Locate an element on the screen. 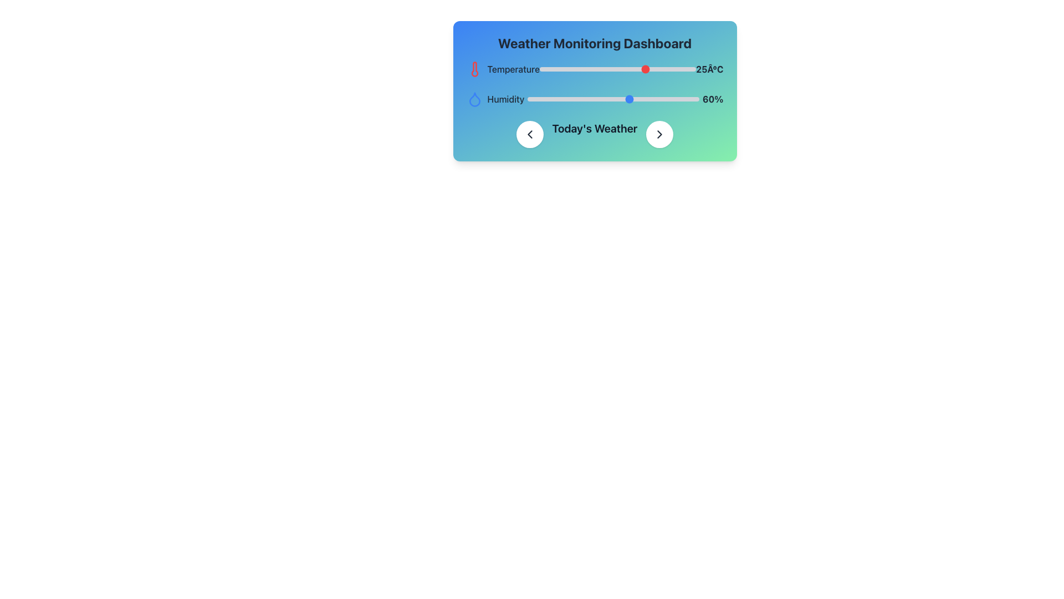  the text label indicating the current weather information titled 'Today's Weather', which is centrally located within its module is located at coordinates (594, 134).